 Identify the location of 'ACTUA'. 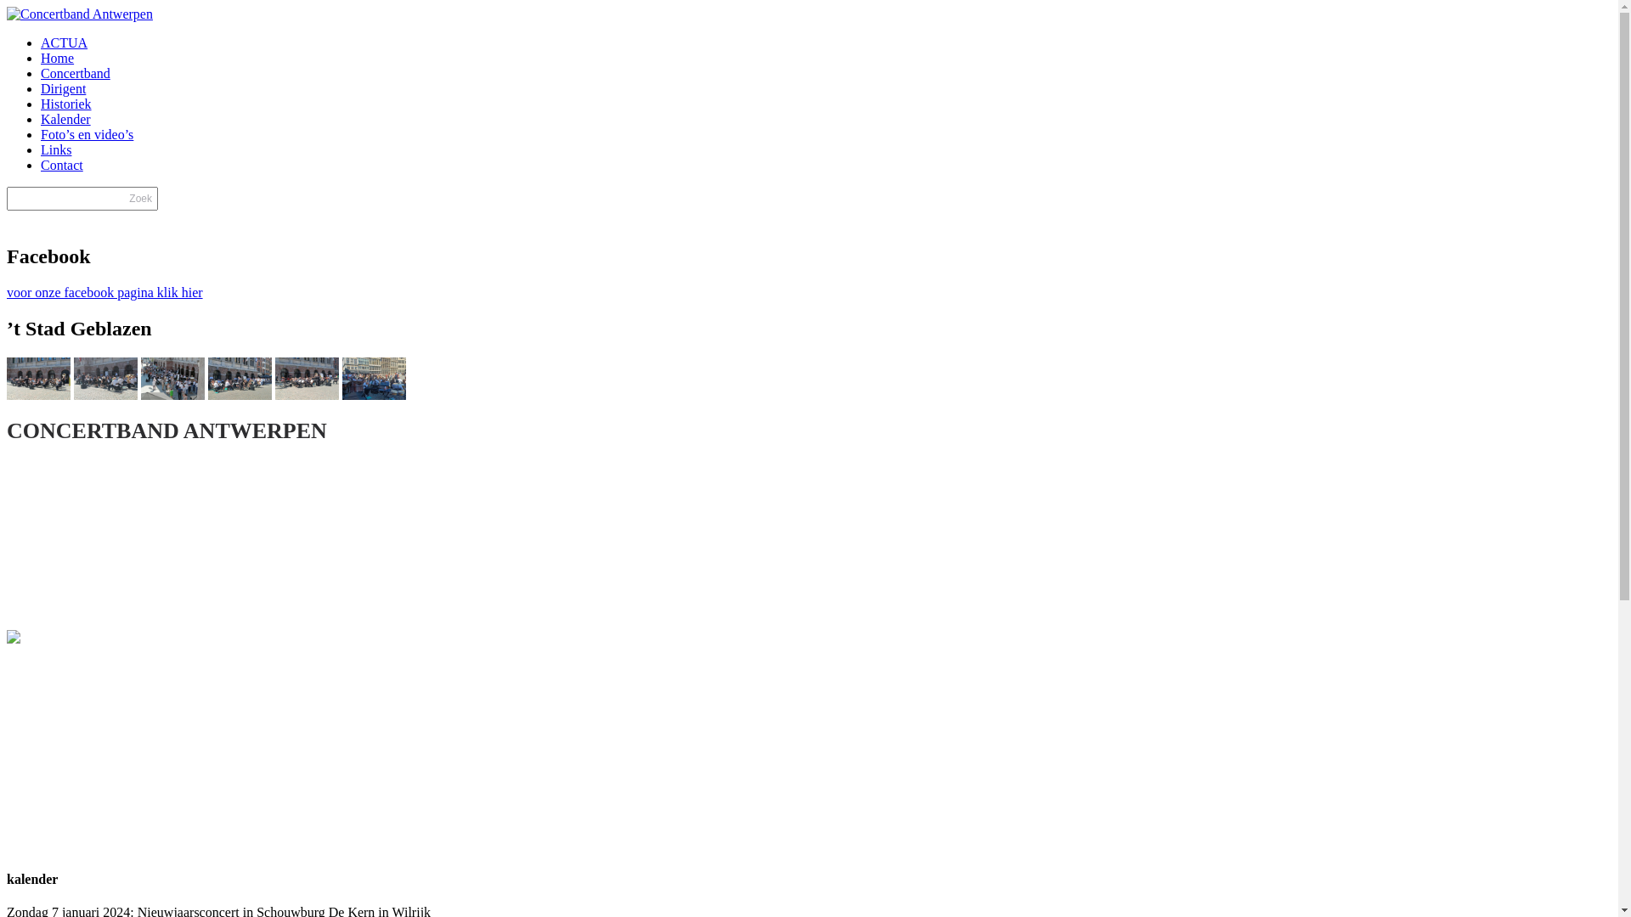
(64, 42).